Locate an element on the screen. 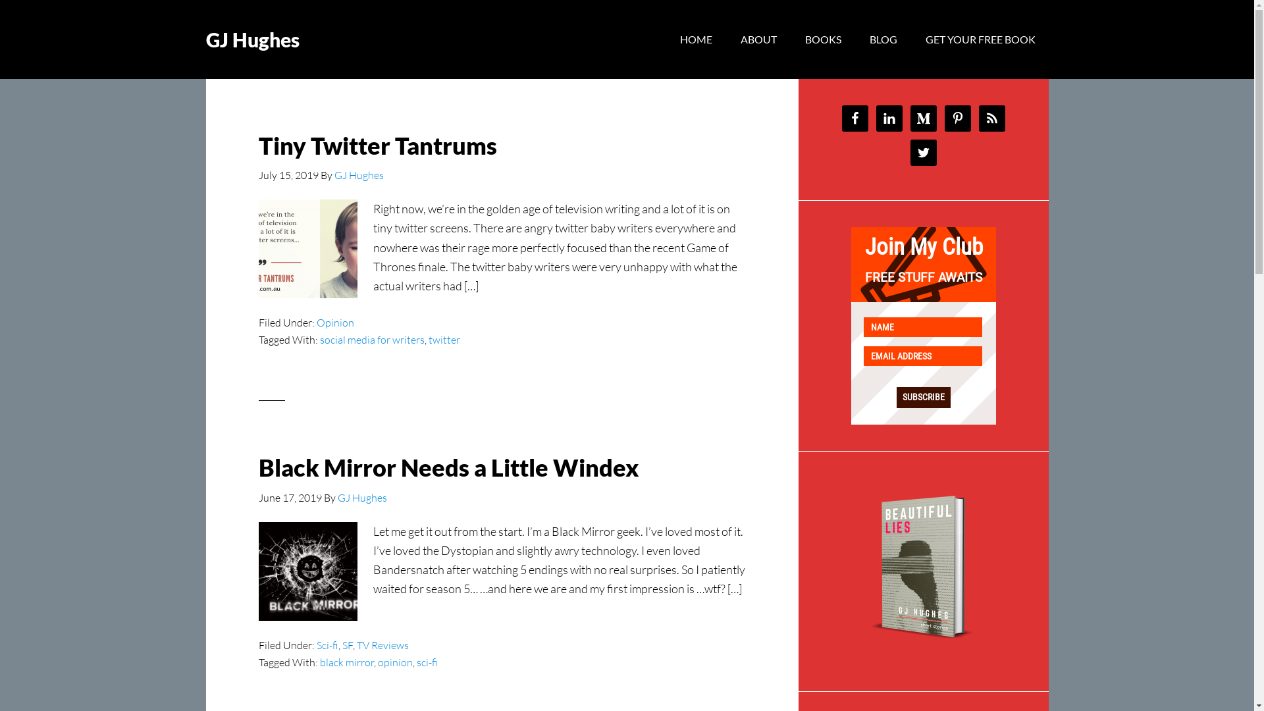 This screenshot has height=711, width=1264. 'HOME' is located at coordinates (695, 39).